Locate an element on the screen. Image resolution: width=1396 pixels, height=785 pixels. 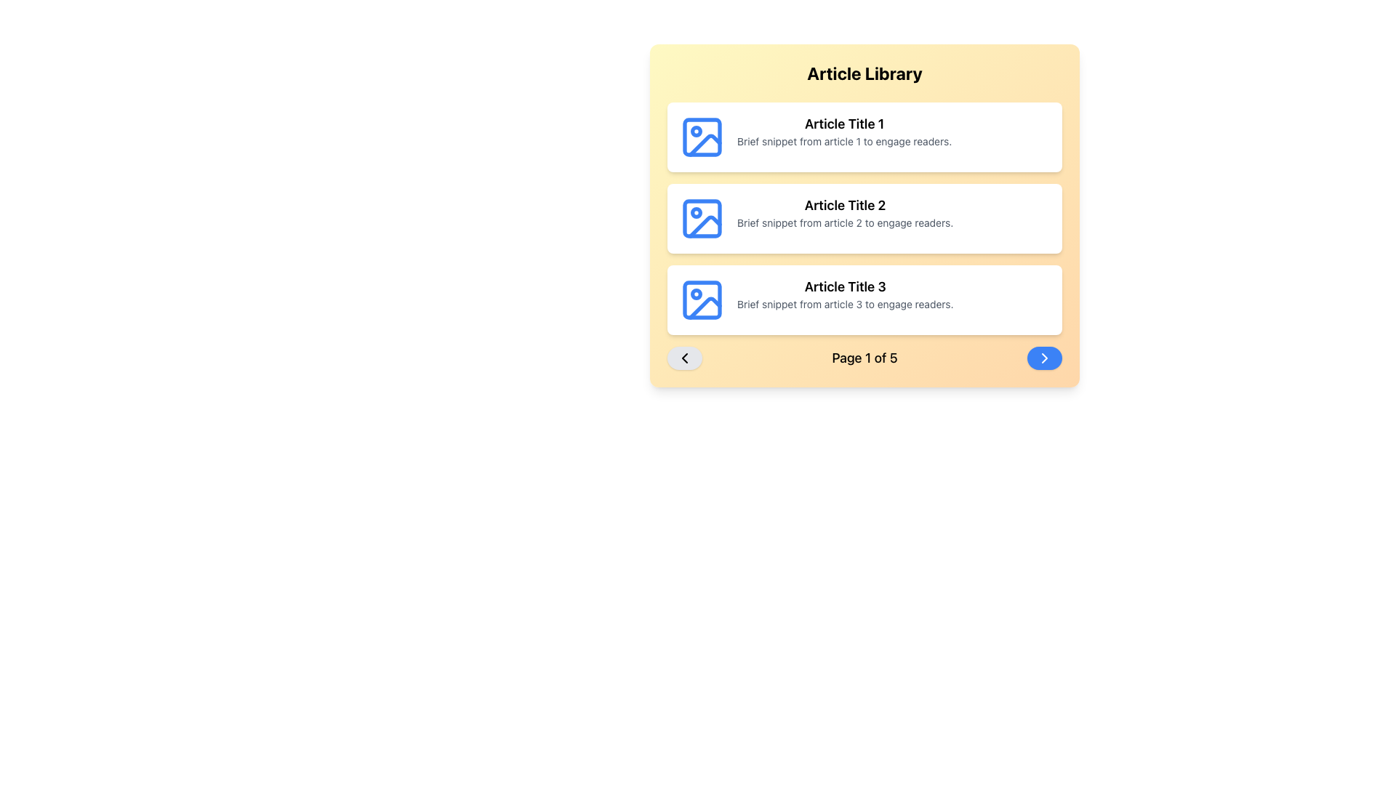
the button containing the rightward-facing chevron icon, which is part of the pagination control interface is located at coordinates (1043, 358).